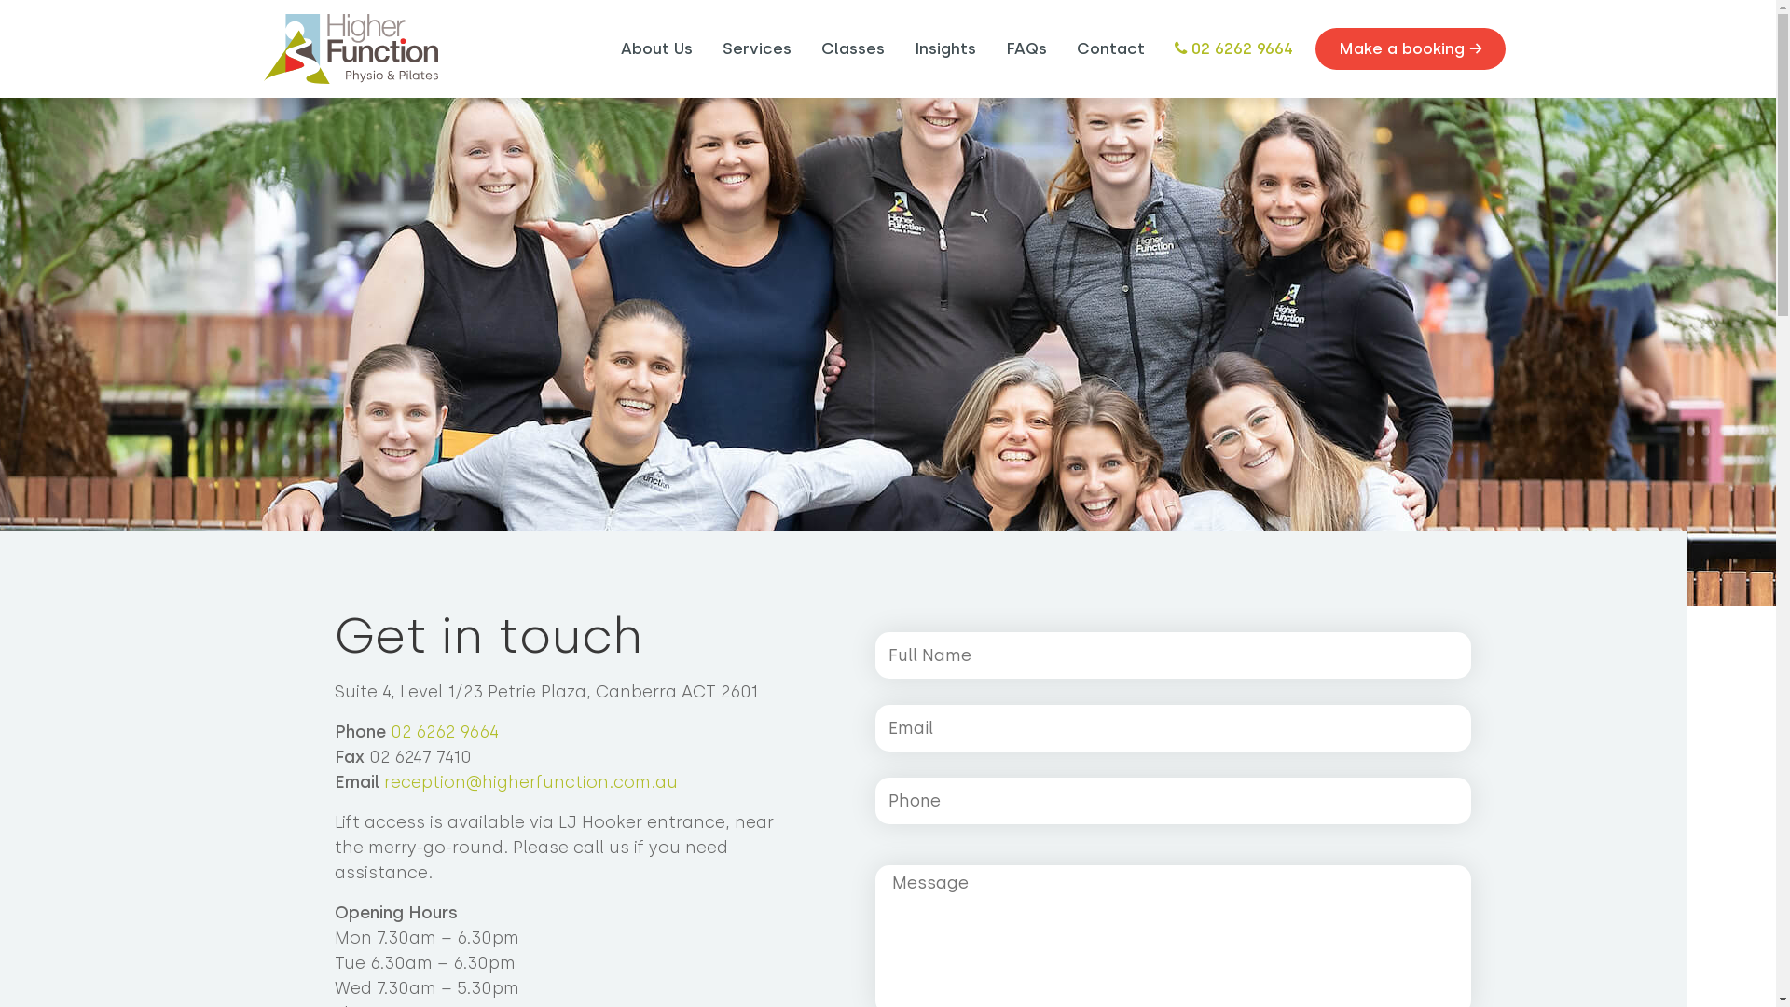 The image size is (1790, 1007). What do you see at coordinates (713, 48) in the screenshot?
I see `'Services'` at bounding box center [713, 48].